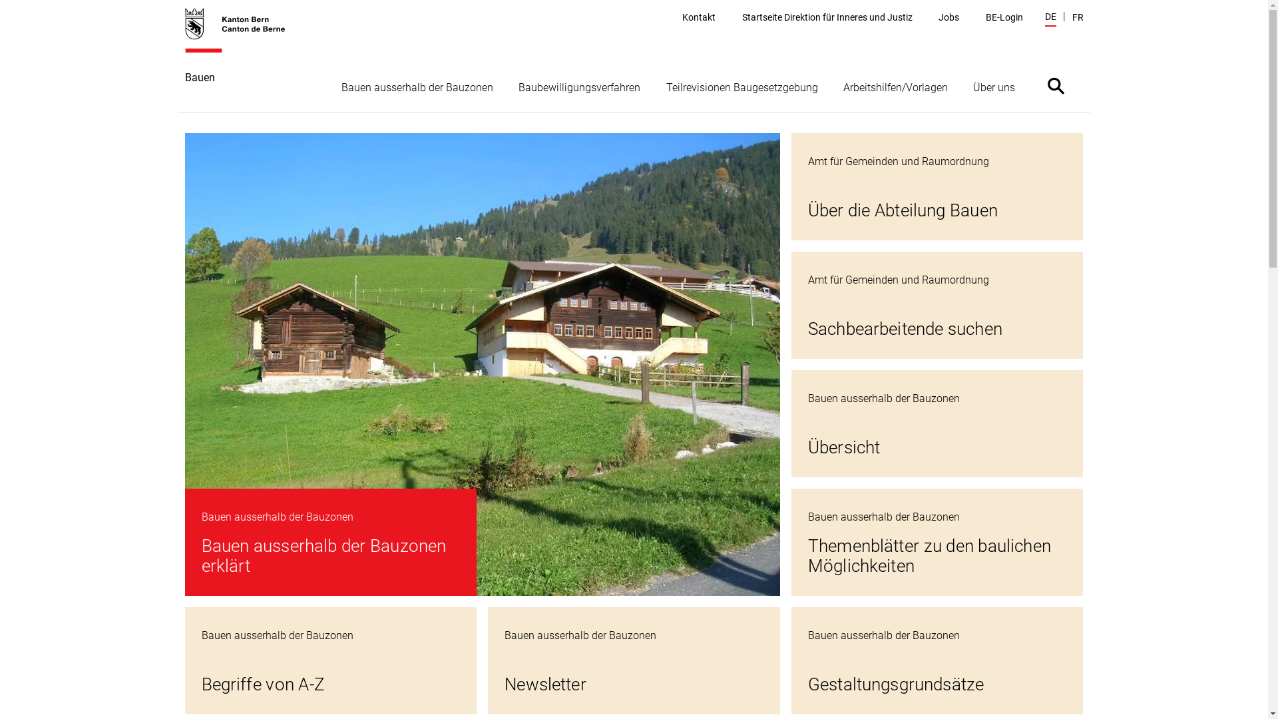 This screenshot has height=719, width=1278. I want to click on 'Newsletter, so click(633, 660).